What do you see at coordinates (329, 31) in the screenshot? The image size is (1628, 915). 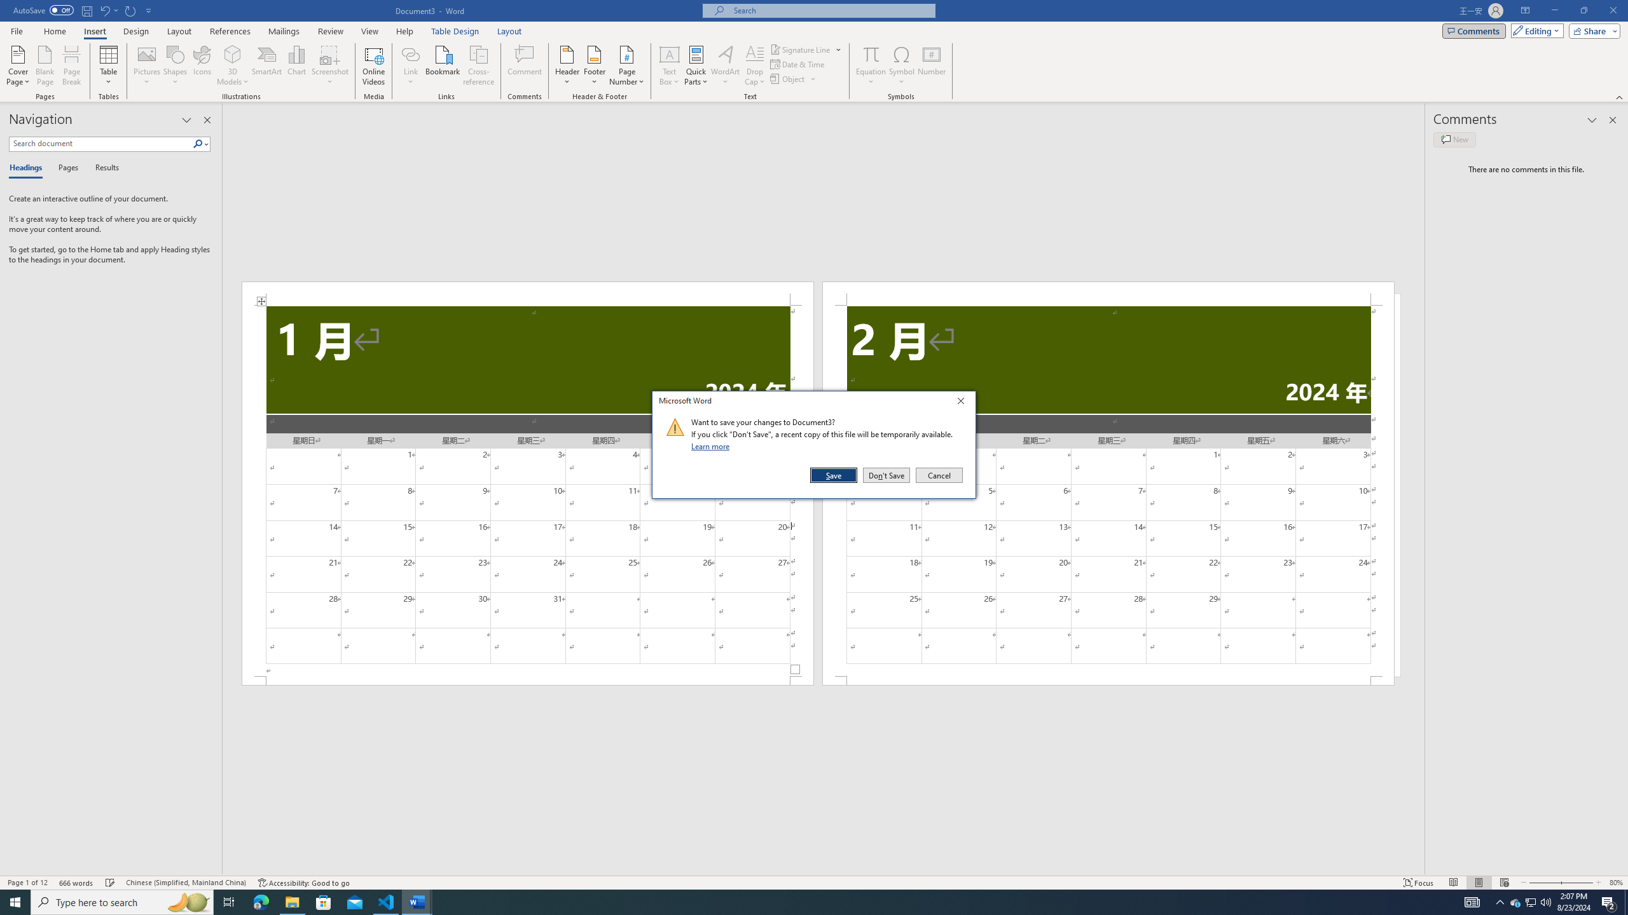 I see `'Review'` at bounding box center [329, 31].